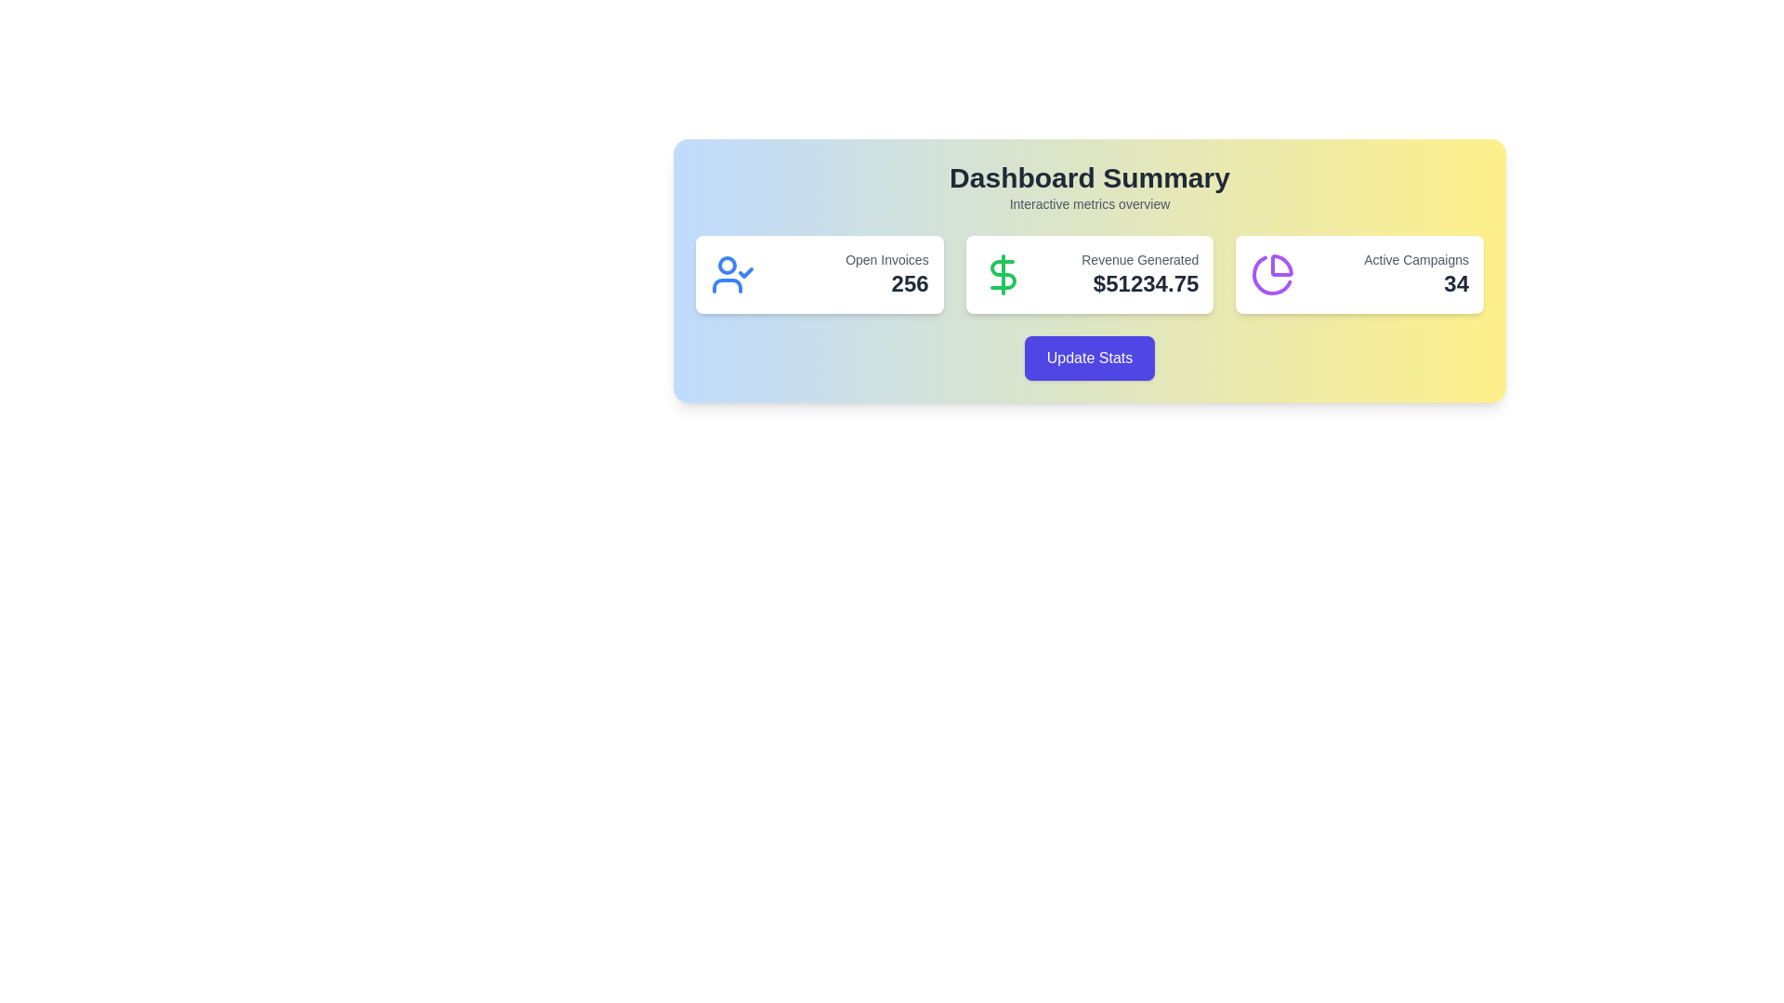  I want to click on the static text displaying the count of open invoices ('256') located in the top-left card of the dashboard summary, so click(885, 283).